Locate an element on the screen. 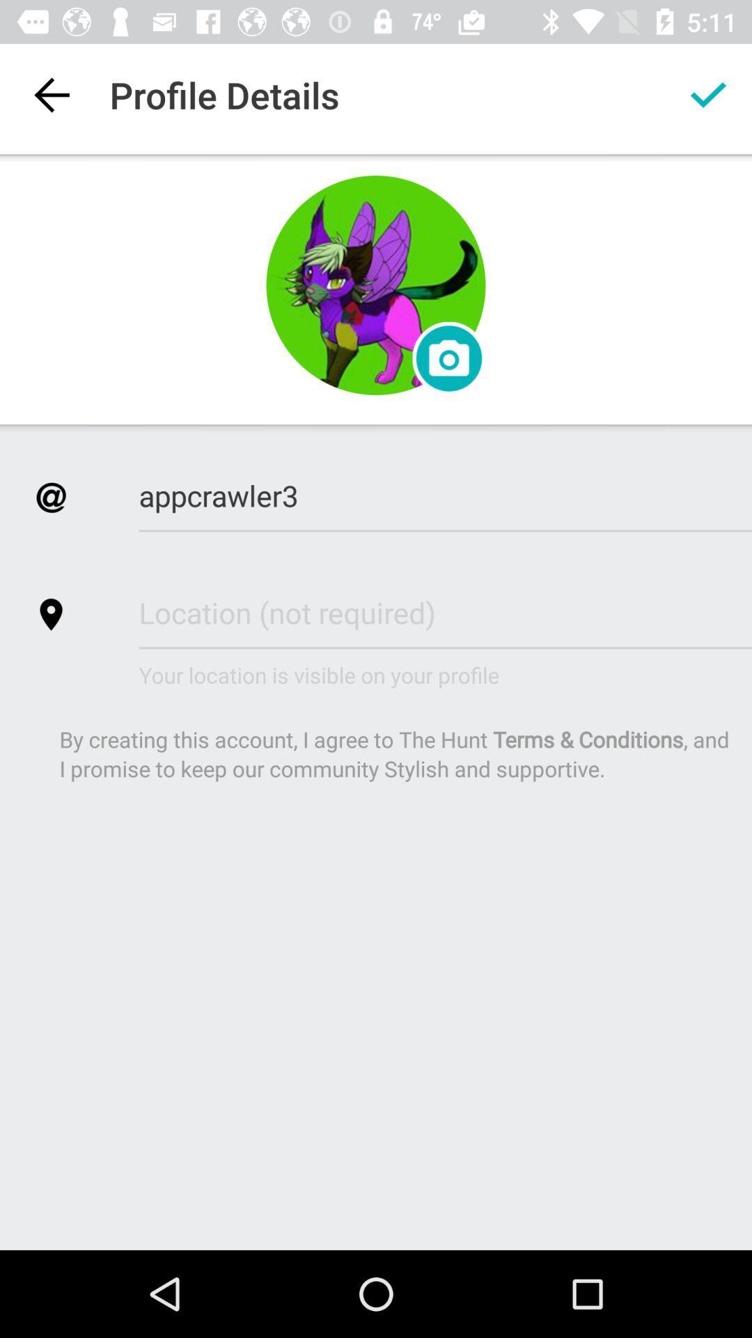 This screenshot has width=752, height=1338. insert location is located at coordinates (445, 612).